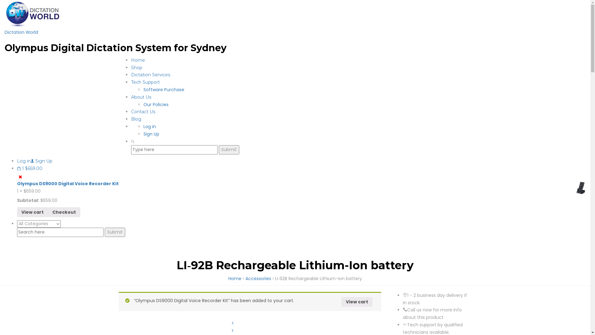  What do you see at coordinates (258, 278) in the screenshot?
I see `'Accessories'` at bounding box center [258, 278].